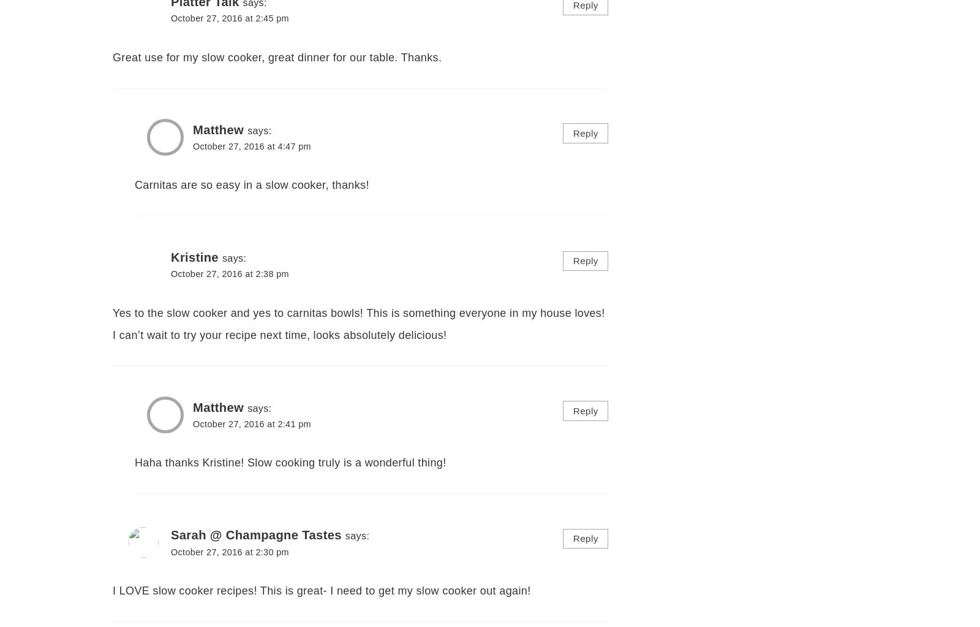 The height and width of the screenshot is (627, 980). What do you see at coordinates (251, 184) in the screenshot?
I see `'Carnitas are so easy in a slow cooker, thanks!'` at bounding box center [251, 184].